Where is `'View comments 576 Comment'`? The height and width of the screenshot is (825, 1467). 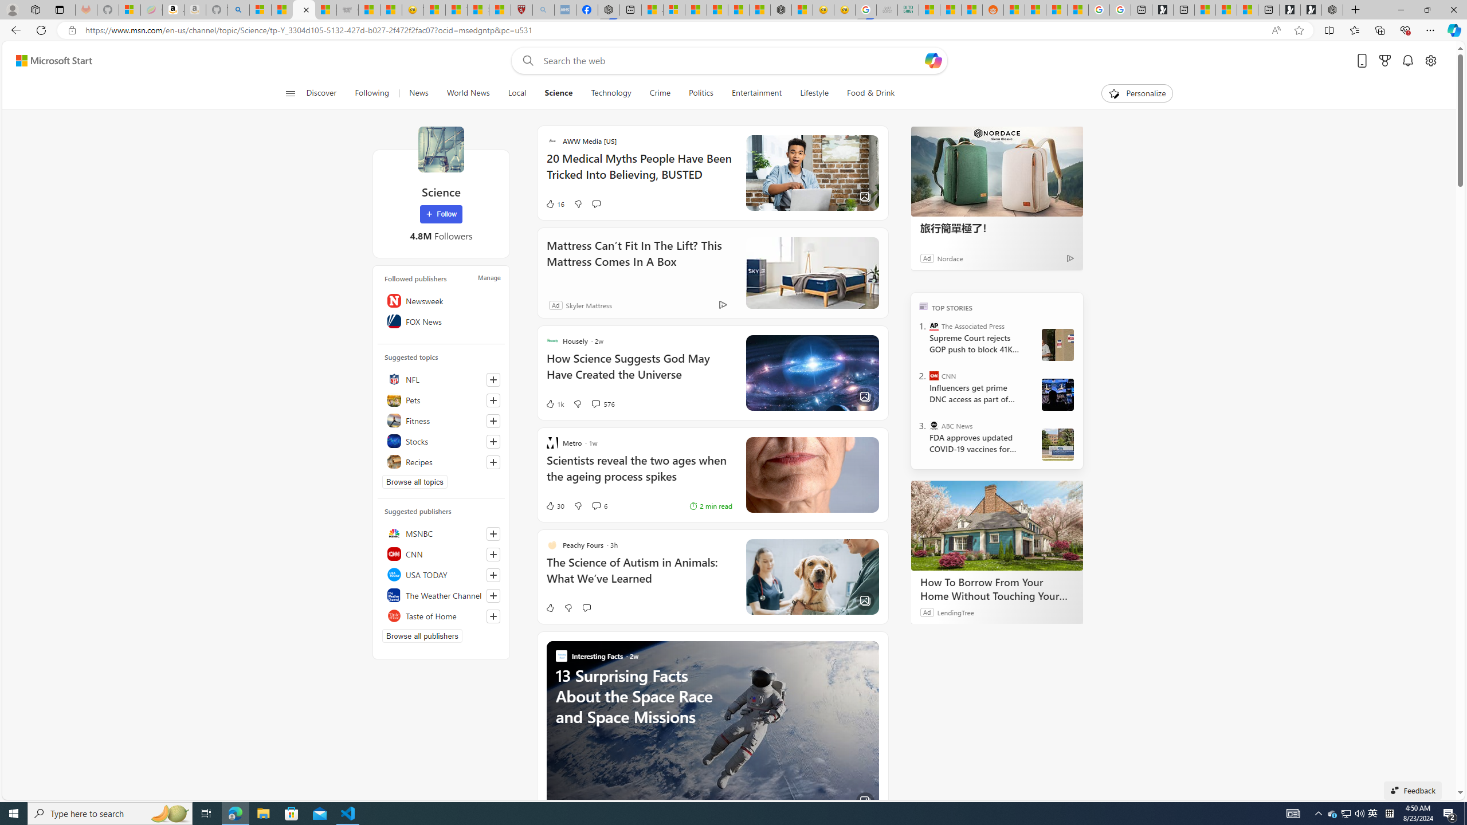 'View comments 576 Comment' is located at coordinates (595, 403).